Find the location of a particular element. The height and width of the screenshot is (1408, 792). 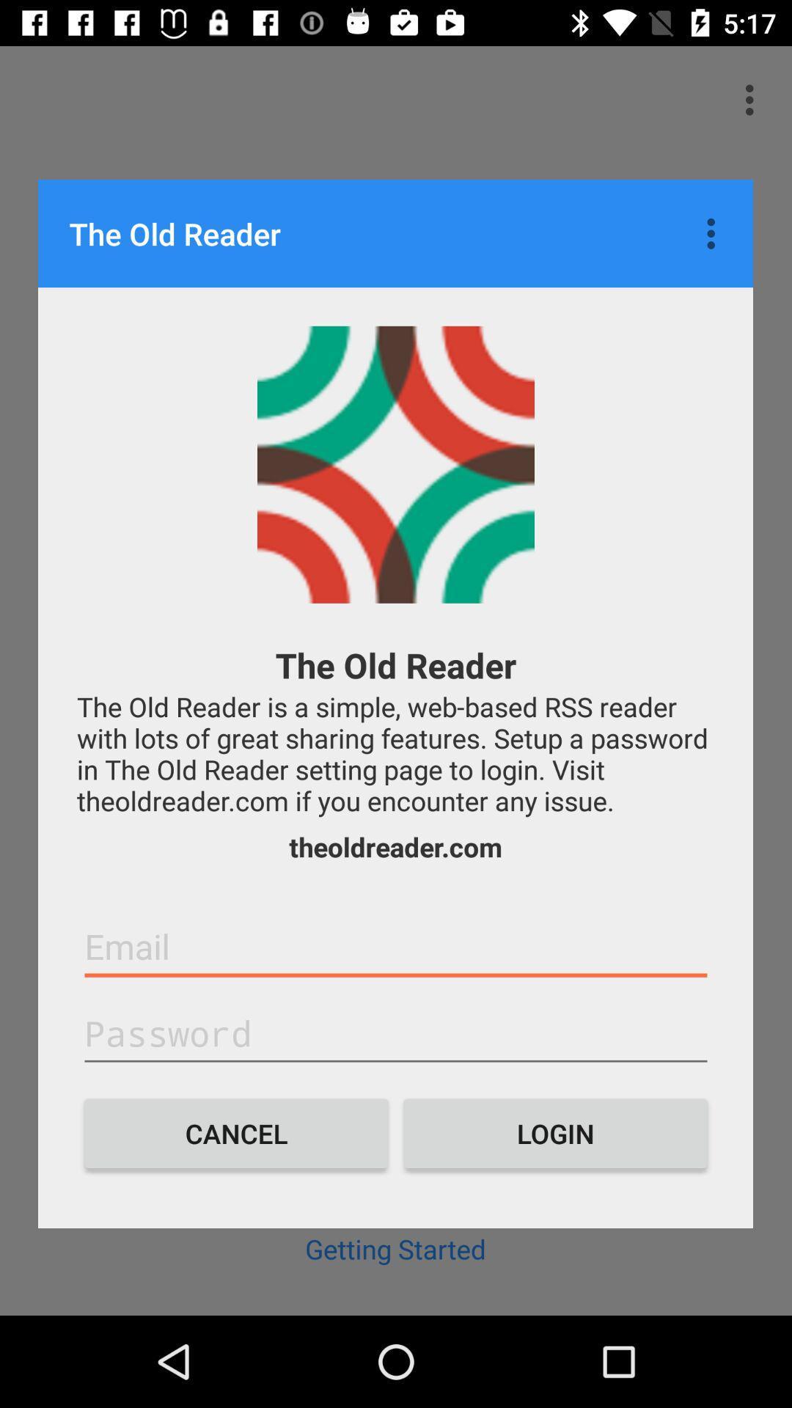

password is located at coordinates (396, 1033).